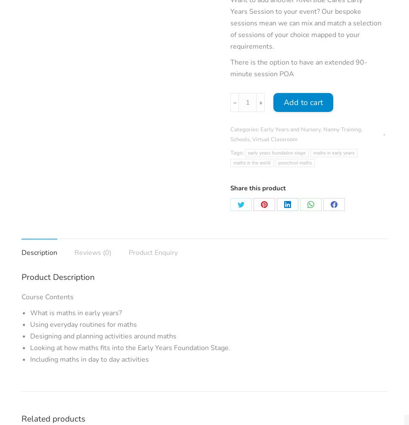 The width and height of the screenshot is (409, 425). Describe the element at coordinates (275, 139) in the screenshot. I see `'Virtual Classroom'` at that location.